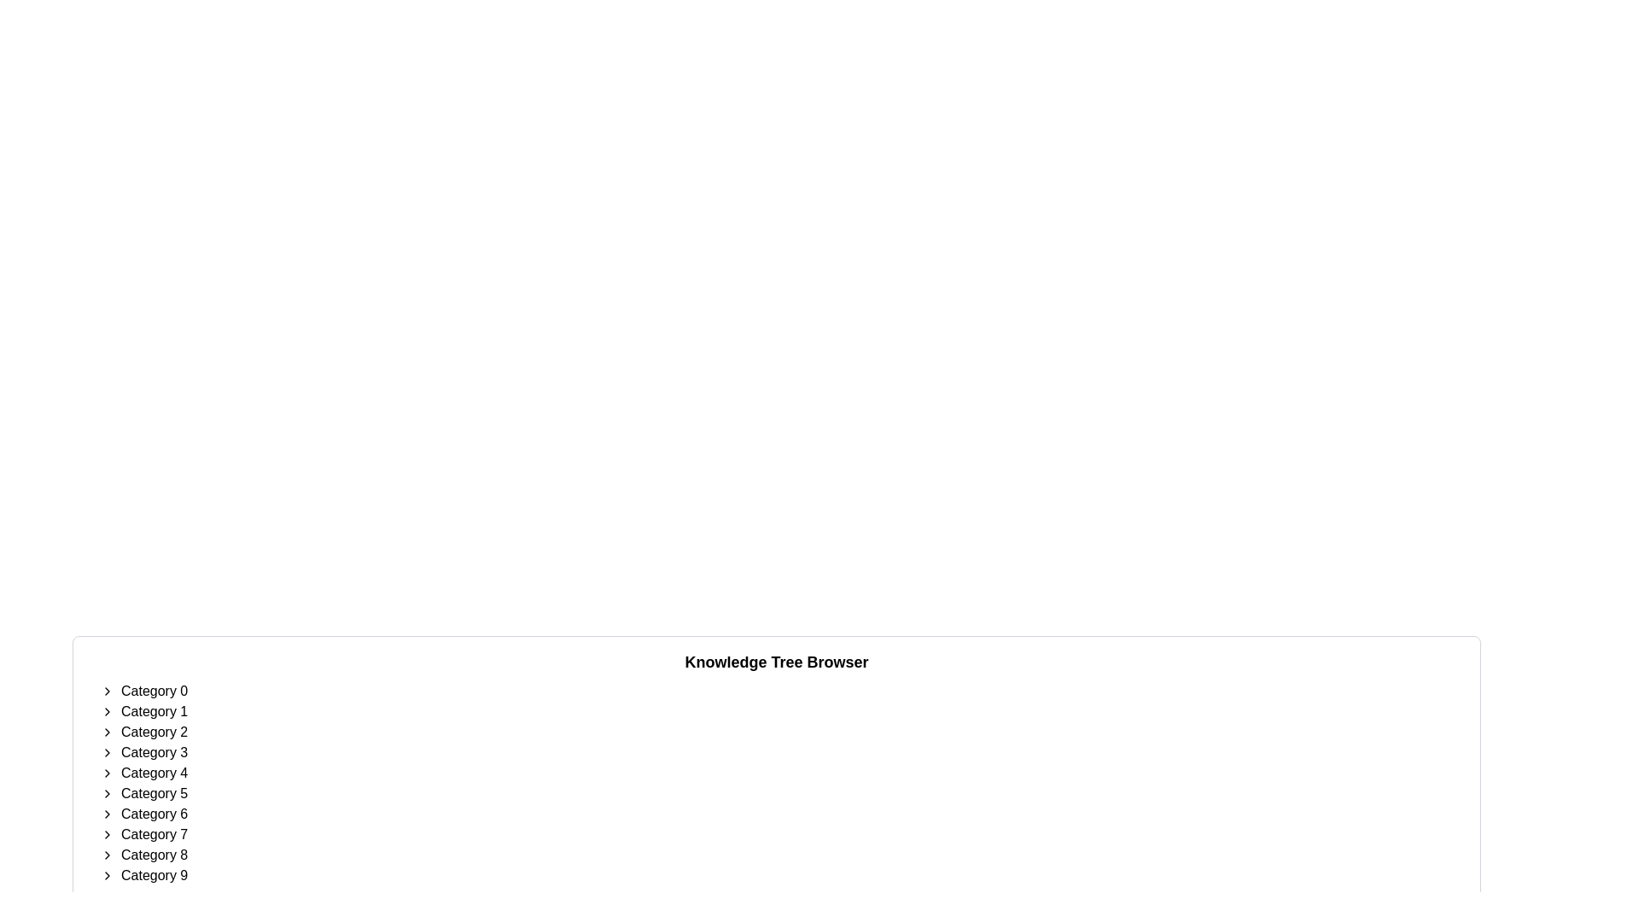  What do you see at coordinates (106, 752) in the screenshot?
I see `the icon indicating that the 'Category 3' item can be interacted with, located to the left of the text label 'Category 3'` at bounding box center [106, 752].